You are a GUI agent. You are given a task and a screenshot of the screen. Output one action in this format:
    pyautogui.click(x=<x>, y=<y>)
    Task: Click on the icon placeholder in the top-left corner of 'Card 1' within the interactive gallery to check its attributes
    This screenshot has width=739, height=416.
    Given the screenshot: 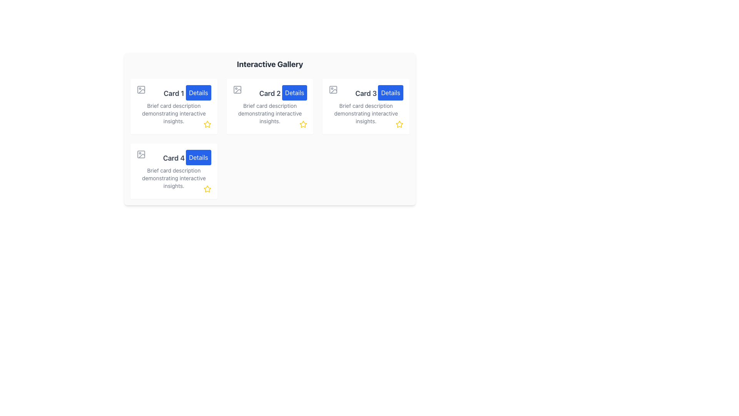 What is the action you would take?
    pyautogui.click(x=141, y=89)
    